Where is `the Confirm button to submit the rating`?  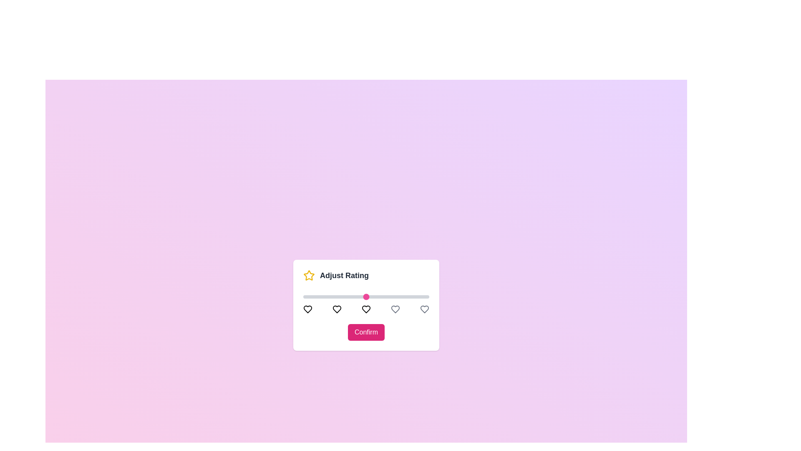
the Confirm button to submit the rating is located at coordinates (366, 332).